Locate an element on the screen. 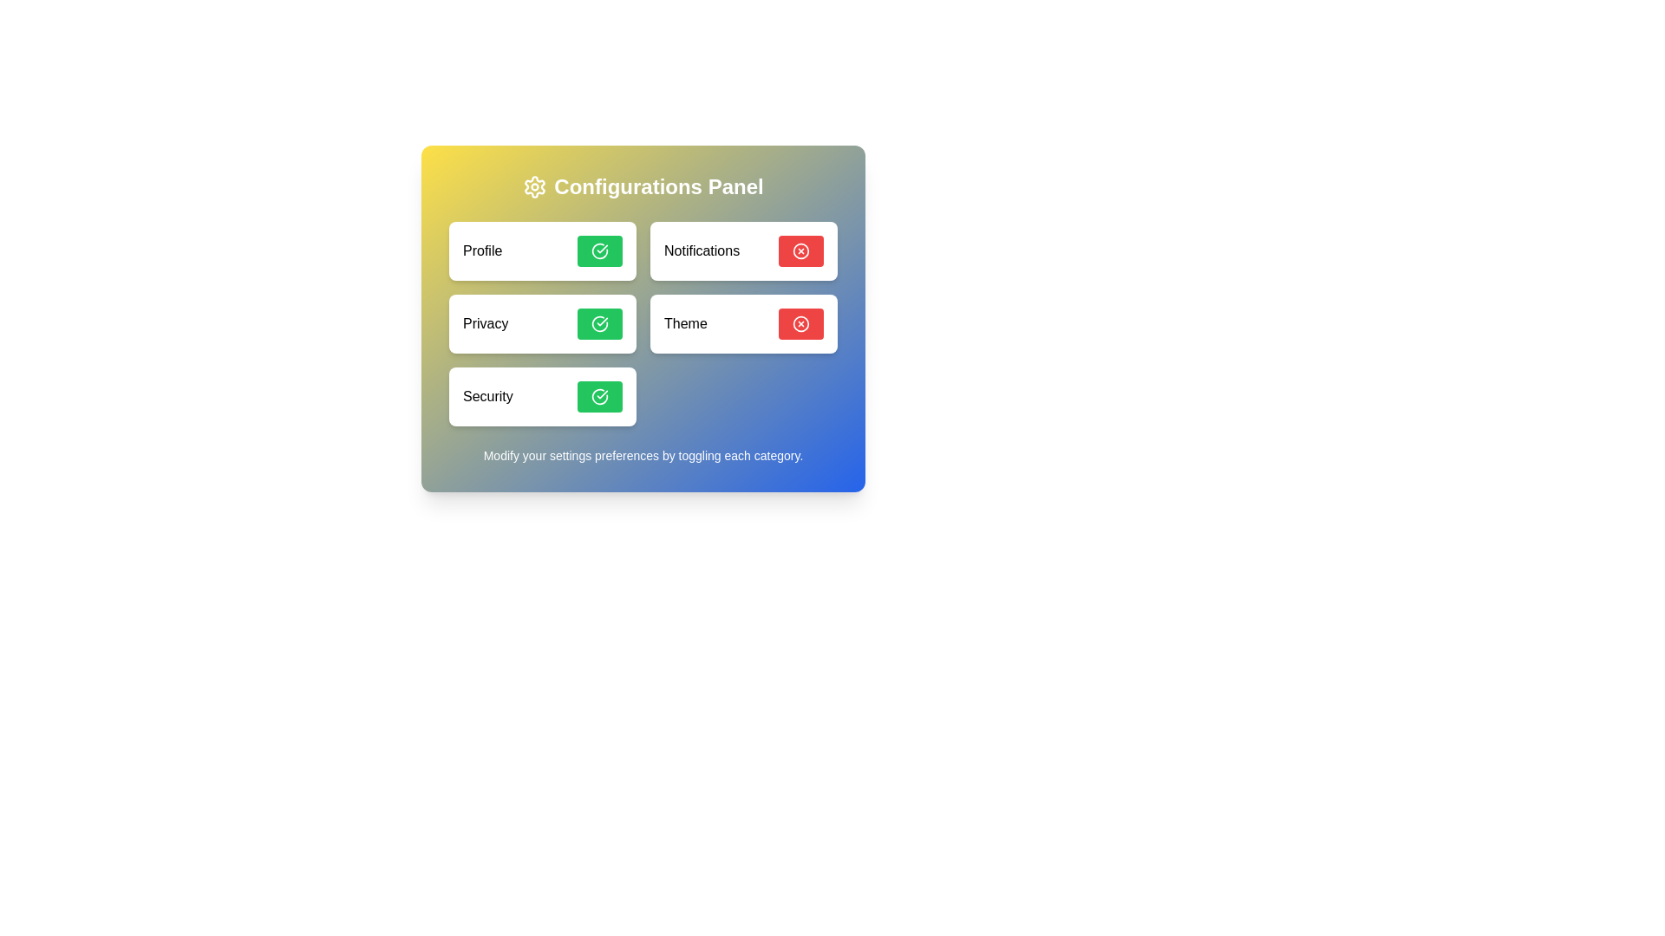 The image size is (1665, 936). the third icon from the top in the left column of the configurations box, which indicates the activation status of the 'Privacy' setting is located at coordinates (599, 324).